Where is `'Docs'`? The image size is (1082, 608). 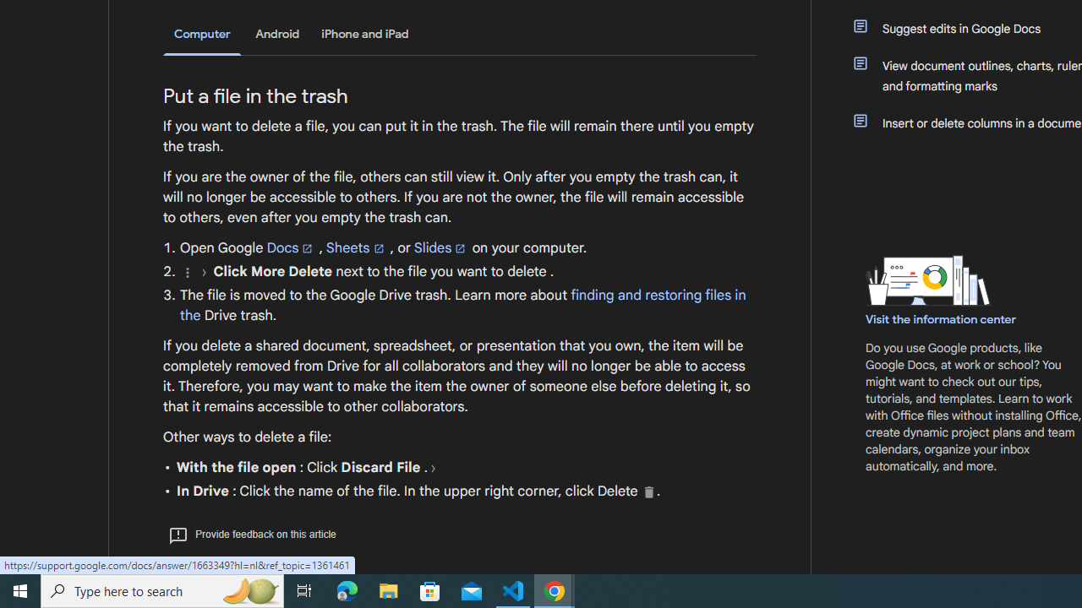
'Docs' is located at coordinates (291, 247).